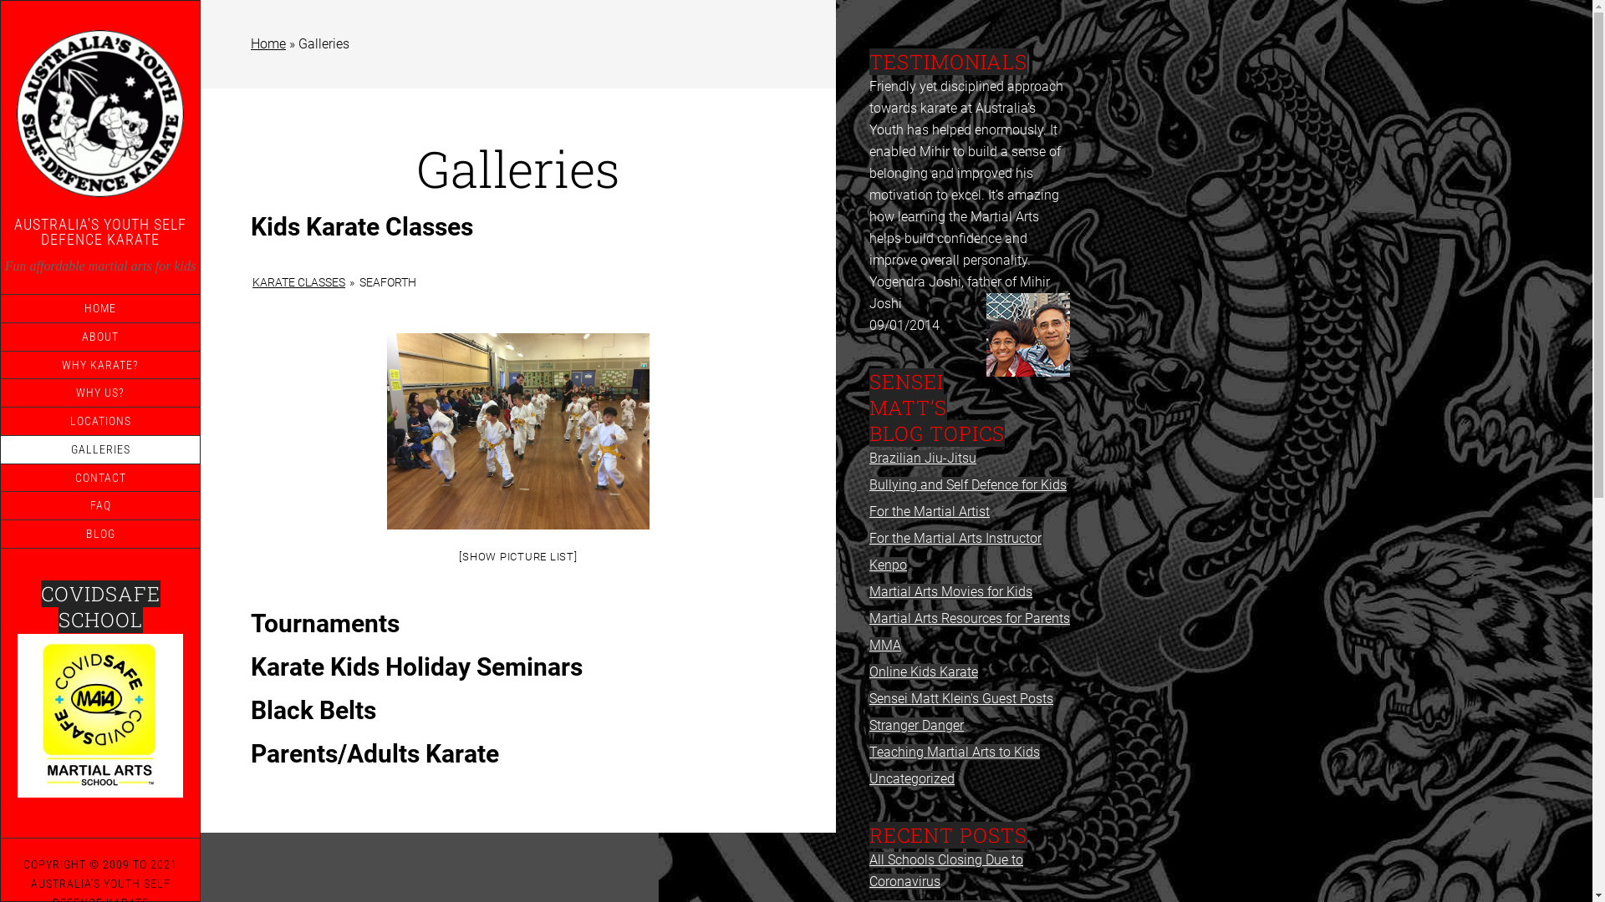  What do you see at coordinates (298, 281) in the screenshot?
I see `'KARATE CLASSES'` at bounding box center [298, 281].